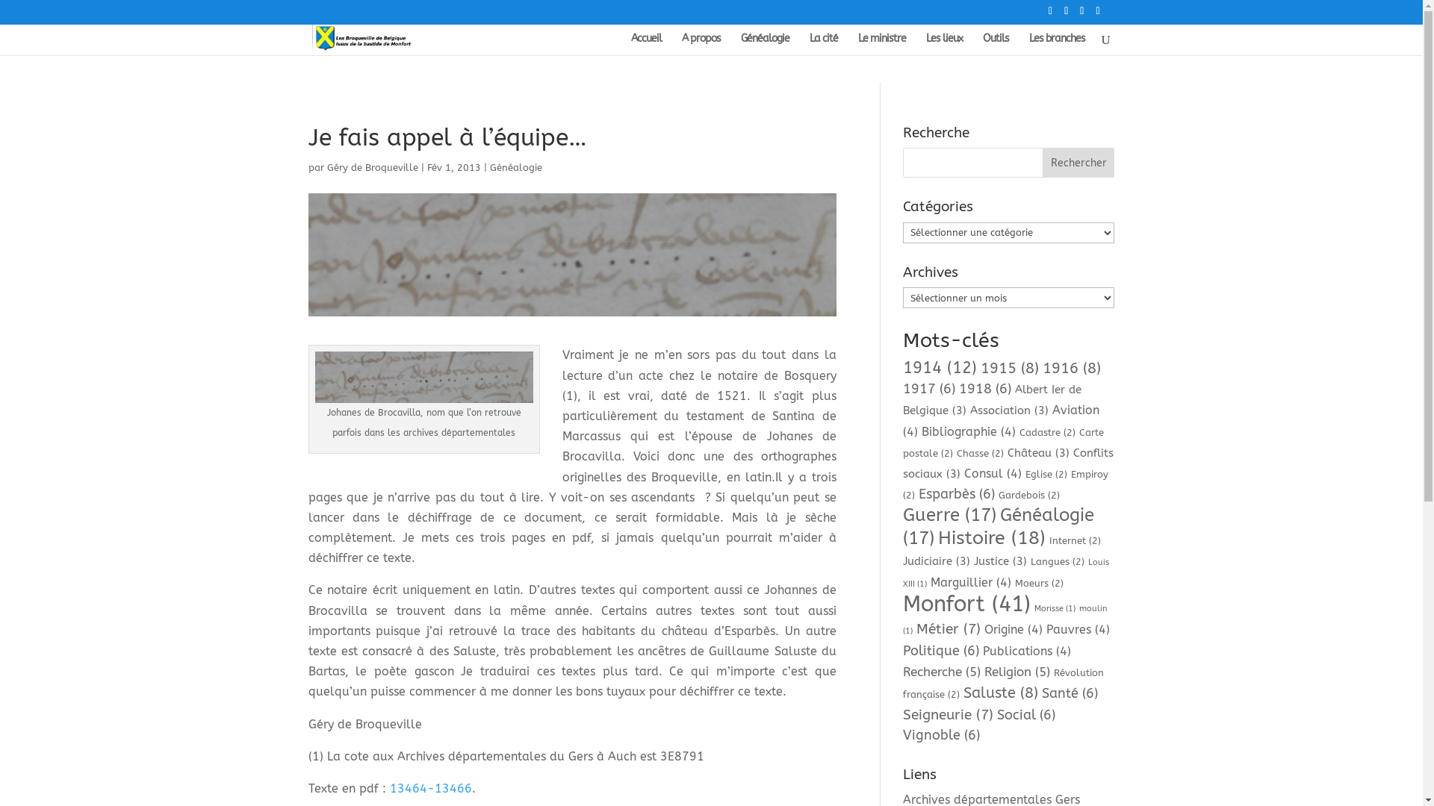  I want to click on 'Cadastre (2)', so click(1046, 432).